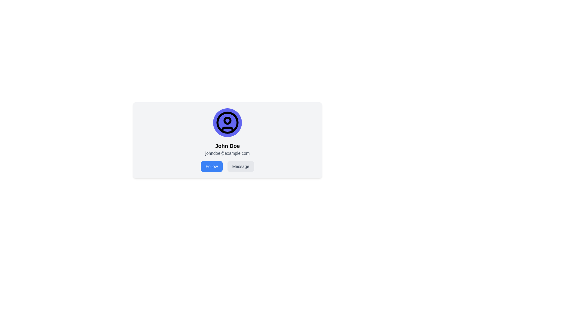 The image size is (577, 324). What do you see at coordinates (227, 122) in the screenshot?
I see `the circular decorative profile icon located above the name label 'John Doe' and email 'johndoe@example.com'` at bounding box center [227, 122].